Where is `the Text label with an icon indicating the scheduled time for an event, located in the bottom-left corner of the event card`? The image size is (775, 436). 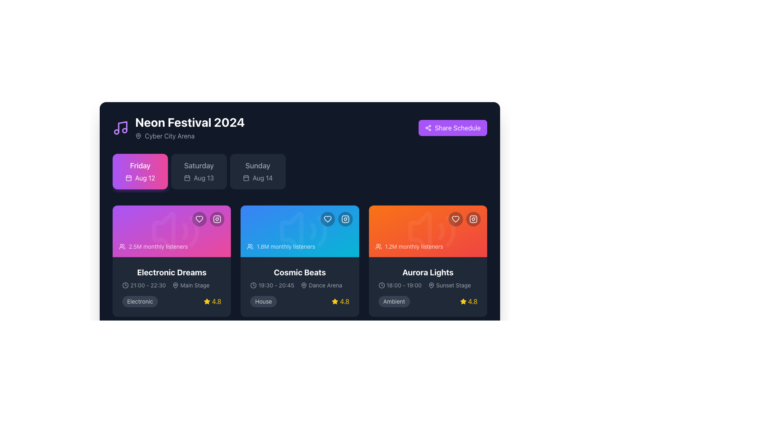 the Text label with an icon indicating the scheduled time for an event, located in the bottom-left corner of the event card is located at coordinates (144, 285).